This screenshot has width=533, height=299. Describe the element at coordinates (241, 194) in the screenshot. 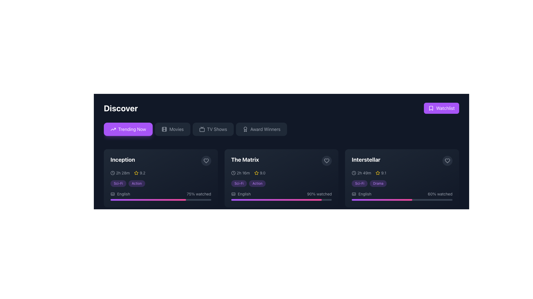

I see `the language indicator text element for the movie 'The Matrix', located underneath the genre labels and above the viewing progress bar` at that location.